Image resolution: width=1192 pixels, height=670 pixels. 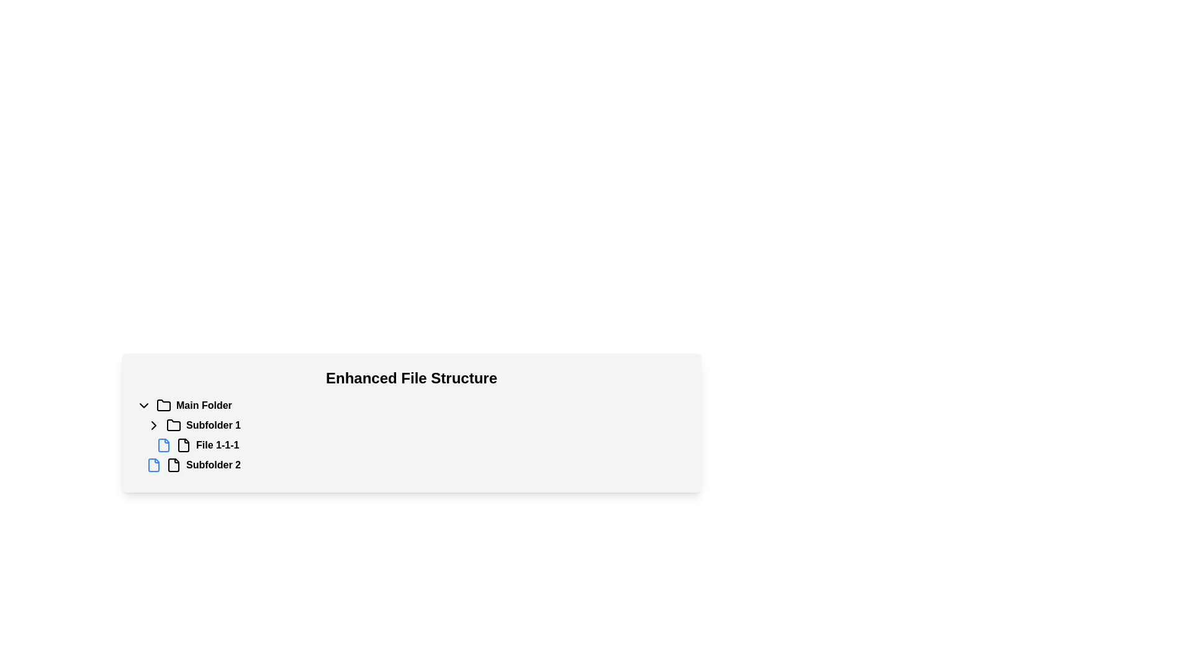 I want to click on the bold, underlined text reading 'File 1-1-1' in the file structure menu, which is positioned below 'Subfolder 1', so click(x=217, y=444).